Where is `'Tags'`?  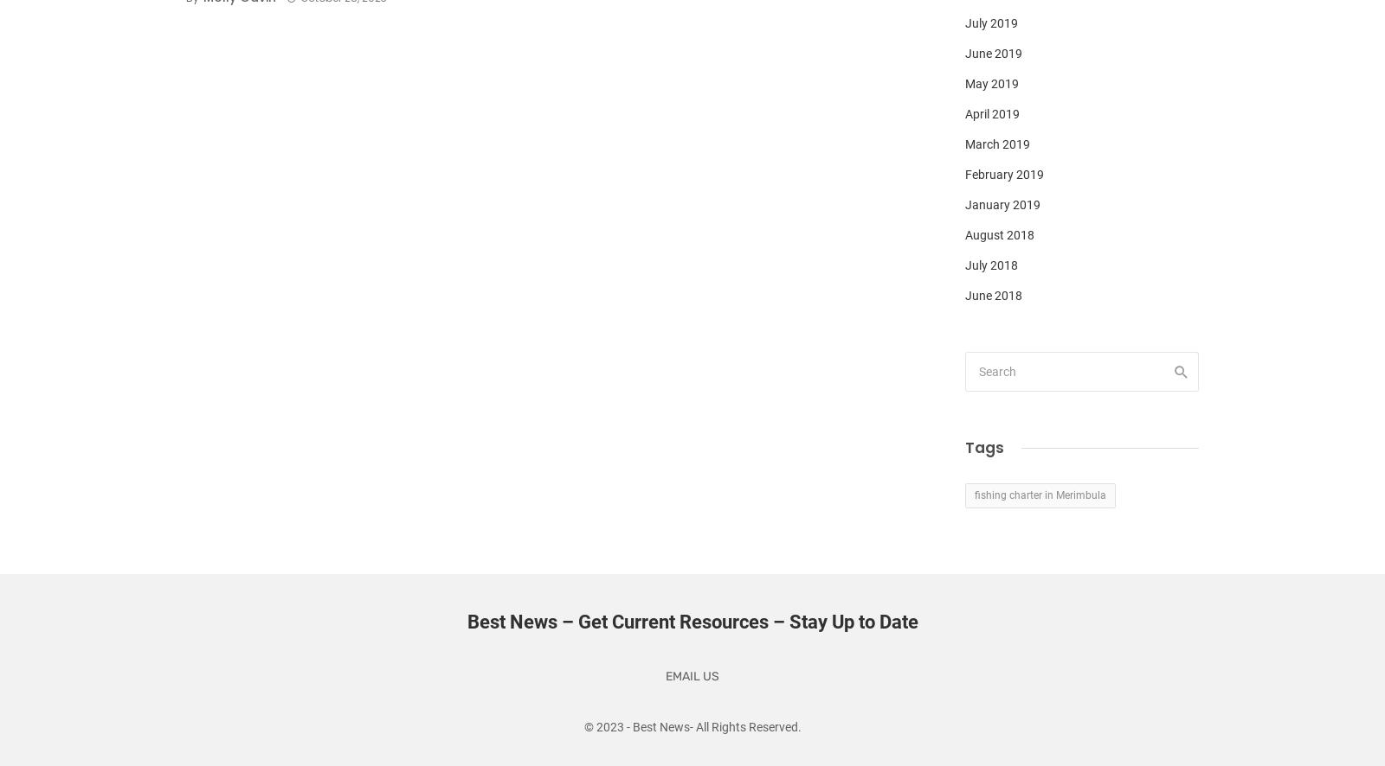
'Tags' is located at coordinates (984, 447).